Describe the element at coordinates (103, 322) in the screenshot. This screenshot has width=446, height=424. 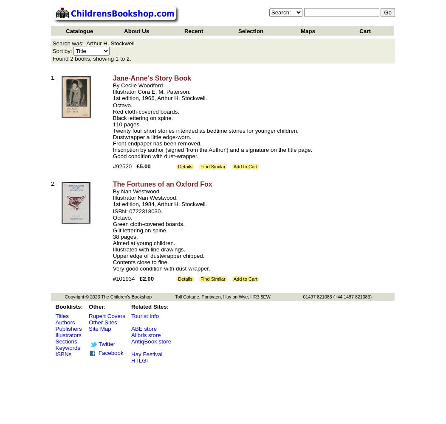
I see `'Other Sites'` at that location.